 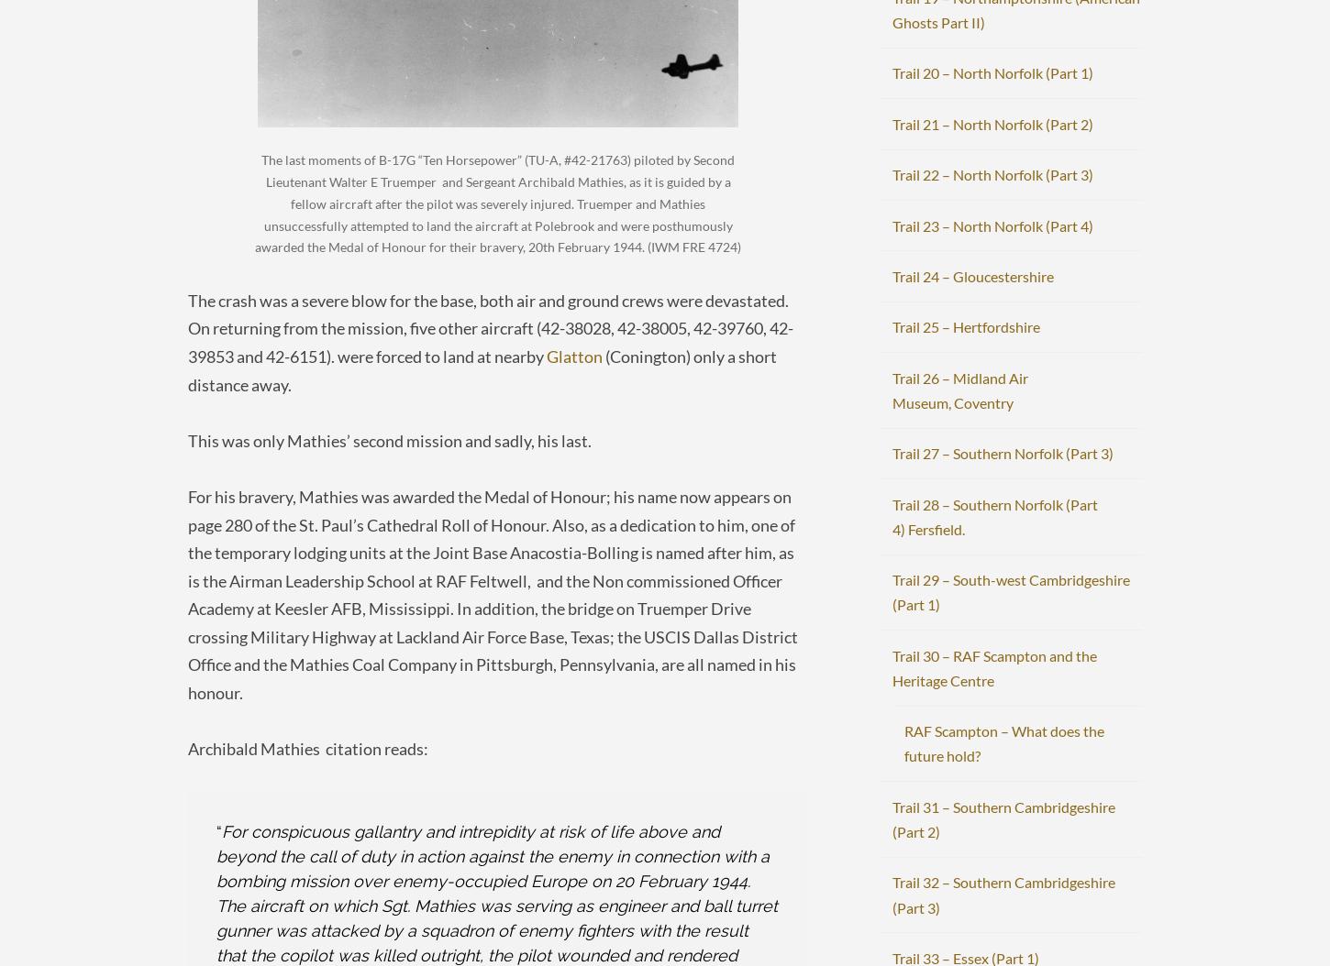 I want to click on 'Glatton', so click(x=573, y=354).